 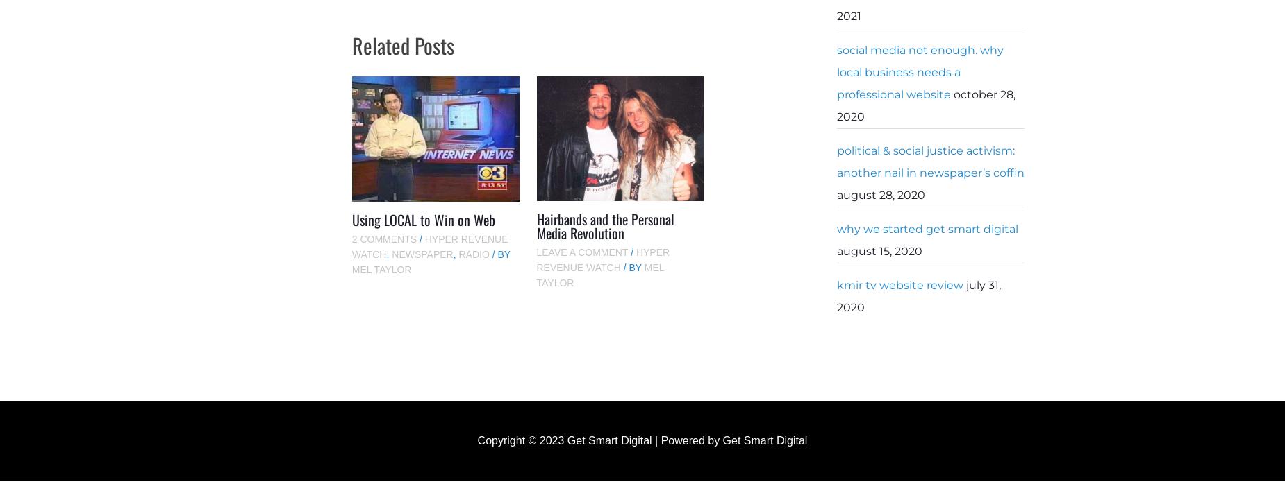 I want to click on 'Using LOCAL to Win on Web', so click(x=423, y=218).